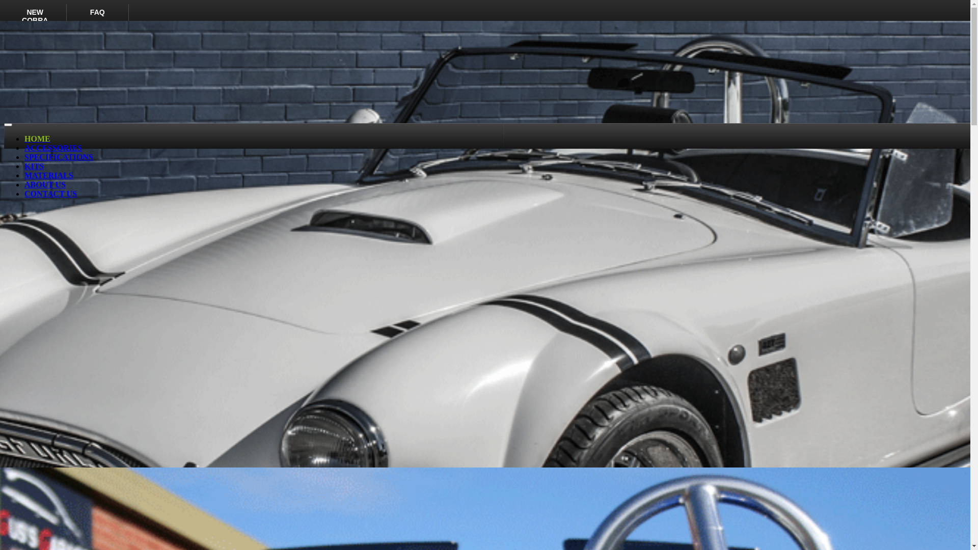 This screenshot has width=978, height=550. I want to click on 'ACCESSORIES', so click(52, 148).